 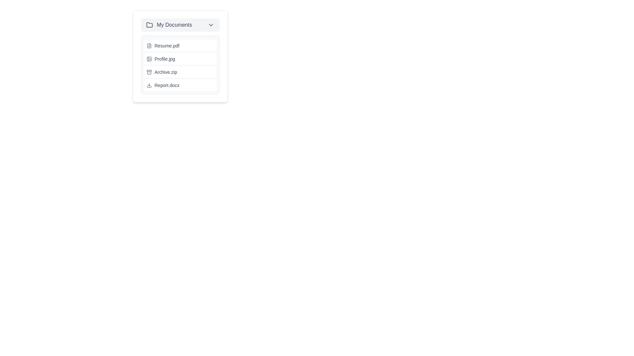 What do you see at coordinates (165, 58) in the screenshot?
I see `the 'Profile.jpg' text label, which is styled with a small font size and medium weight, located as the second item in the vertical list of files within the 'My Documents' panel` at bounding box center [165, 58].